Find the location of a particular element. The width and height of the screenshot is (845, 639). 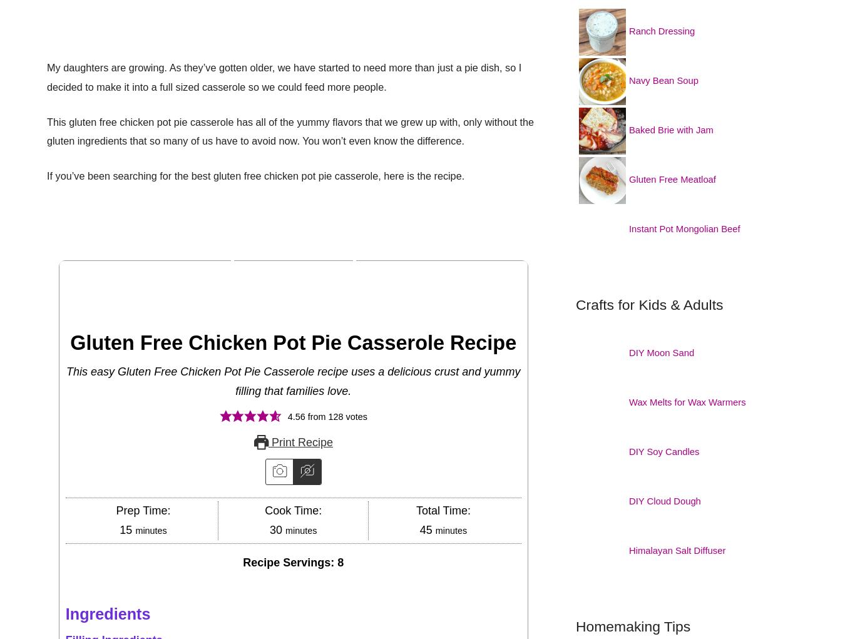

'Cook Time:' is located at coordinates (292, 509).